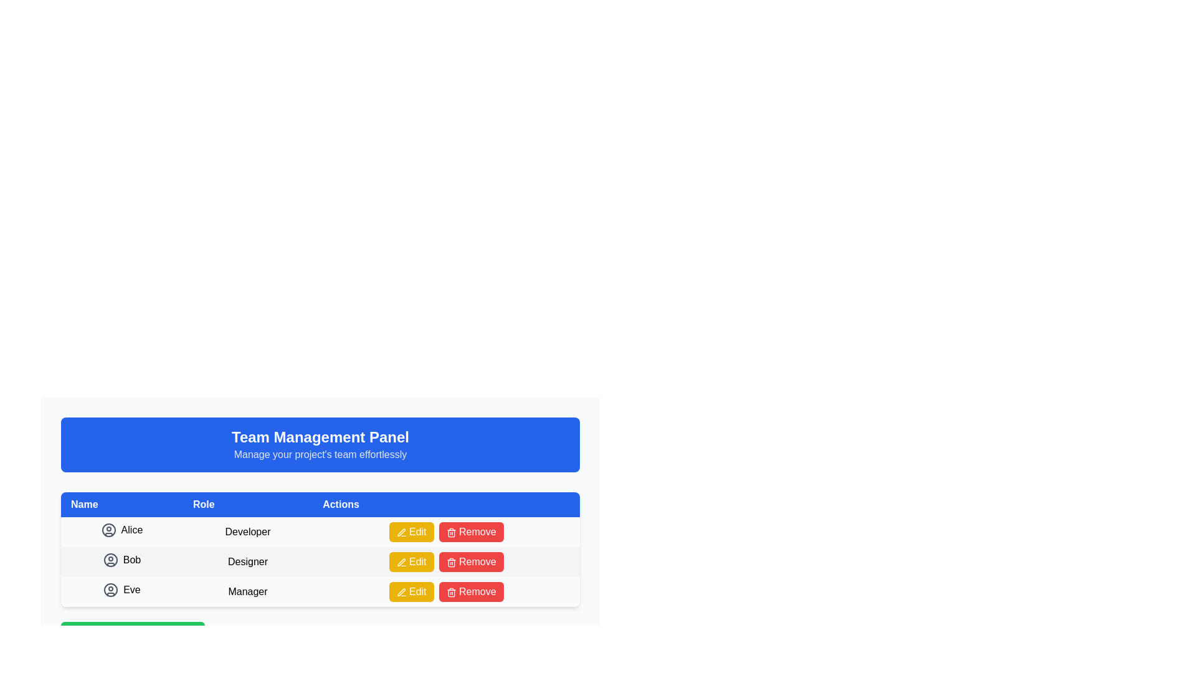 This screenshot has width=1196, height=673. Describe the element at coordinates (401, 532) in the screenshot. I see `the pen icon located inside the first 'Edit' button for the user with the role 'Developer' in the table` at that location.